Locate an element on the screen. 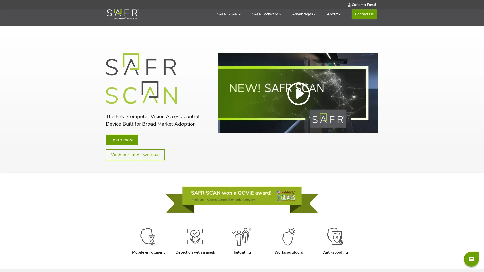 This screenshot has width=484, height=272. play is located at coordinates (224, 120).